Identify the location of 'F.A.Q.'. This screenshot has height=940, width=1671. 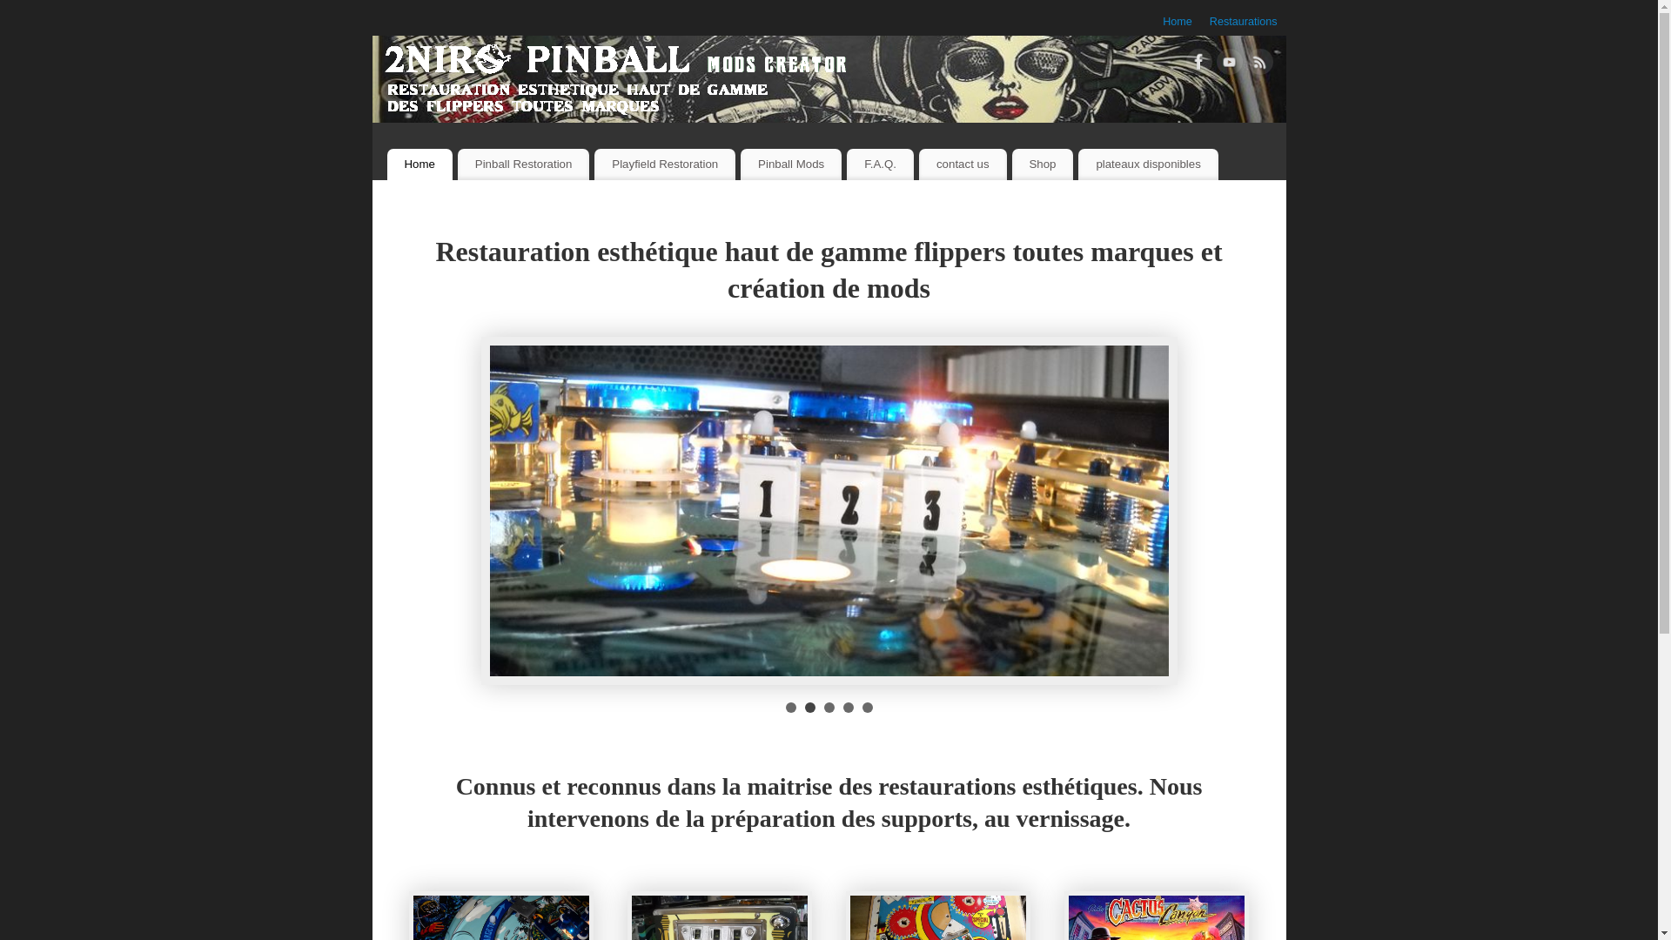
(880, 164).